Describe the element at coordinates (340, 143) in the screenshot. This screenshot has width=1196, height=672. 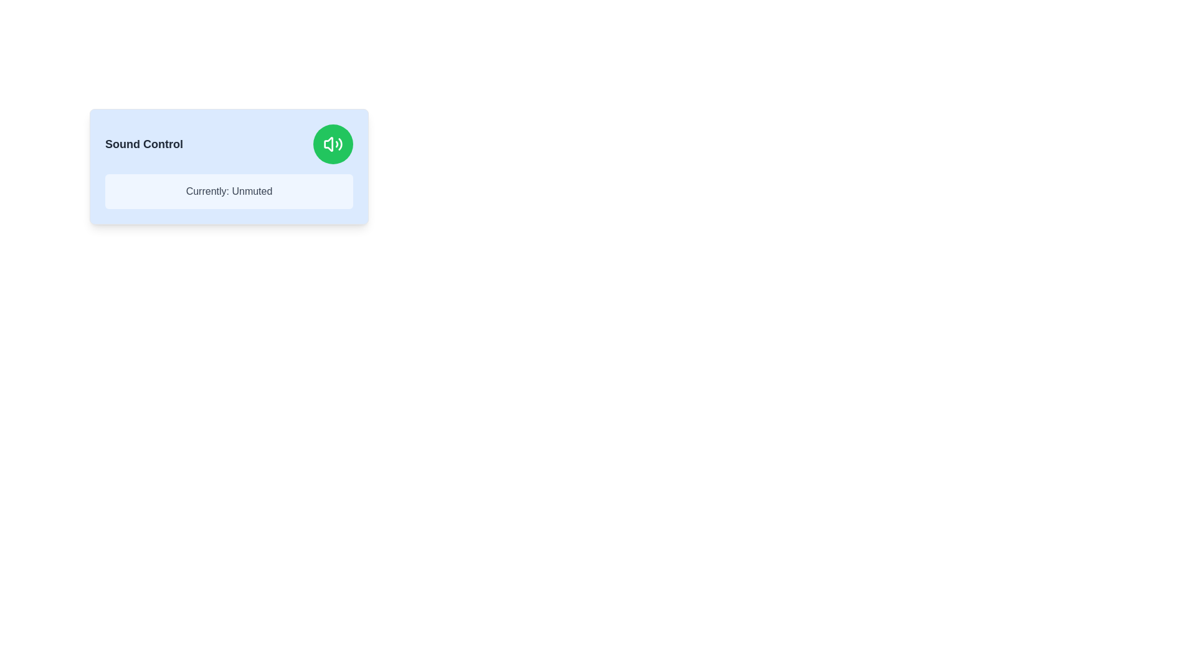
I see `the outermost arc of the sound control icon located in the top right corner of the 'Sound Control' card` at that location.